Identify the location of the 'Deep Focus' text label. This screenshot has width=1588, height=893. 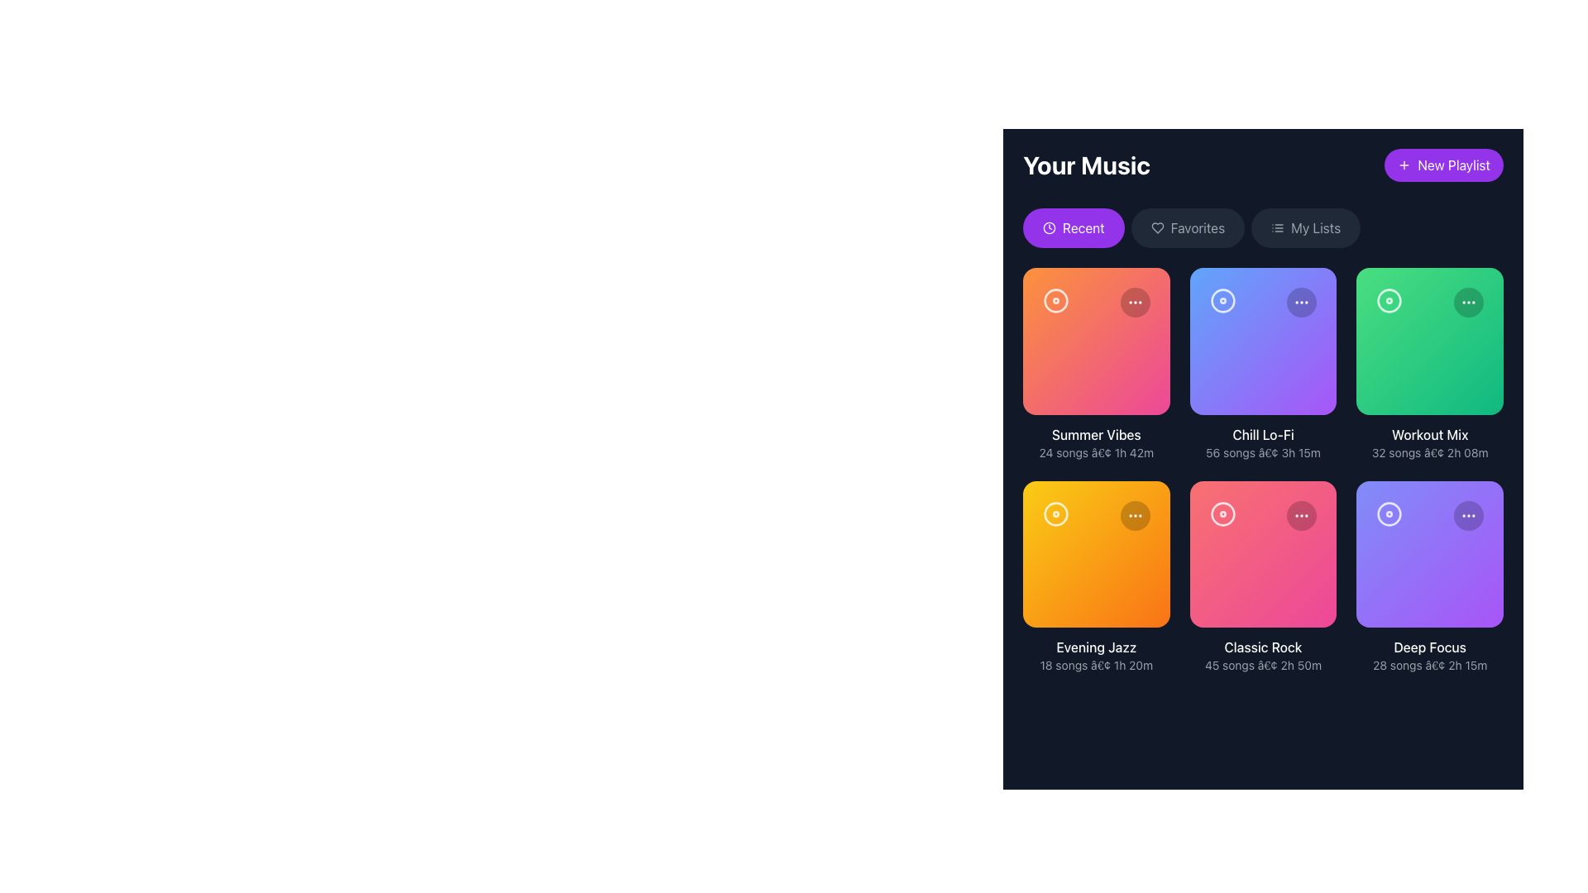
(1429, 647).